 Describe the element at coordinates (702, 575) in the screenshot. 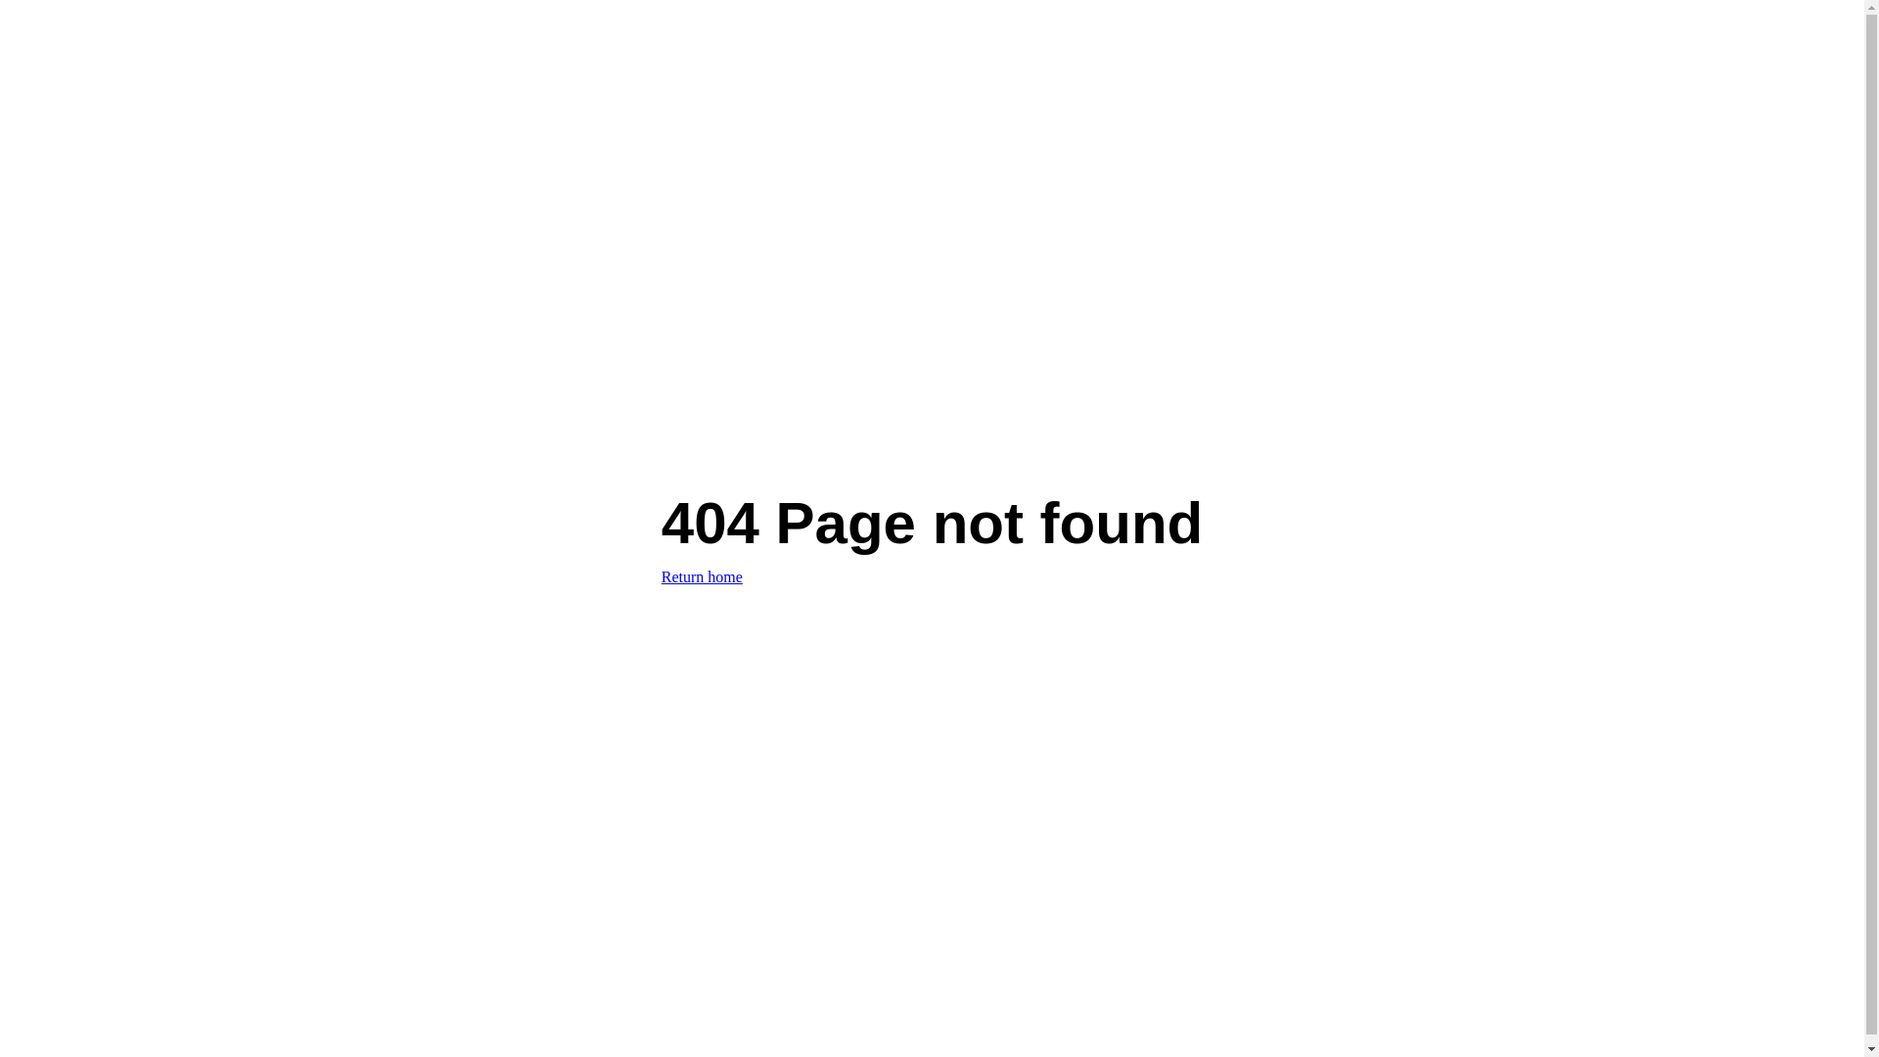

I see `'Return home'` at that location.